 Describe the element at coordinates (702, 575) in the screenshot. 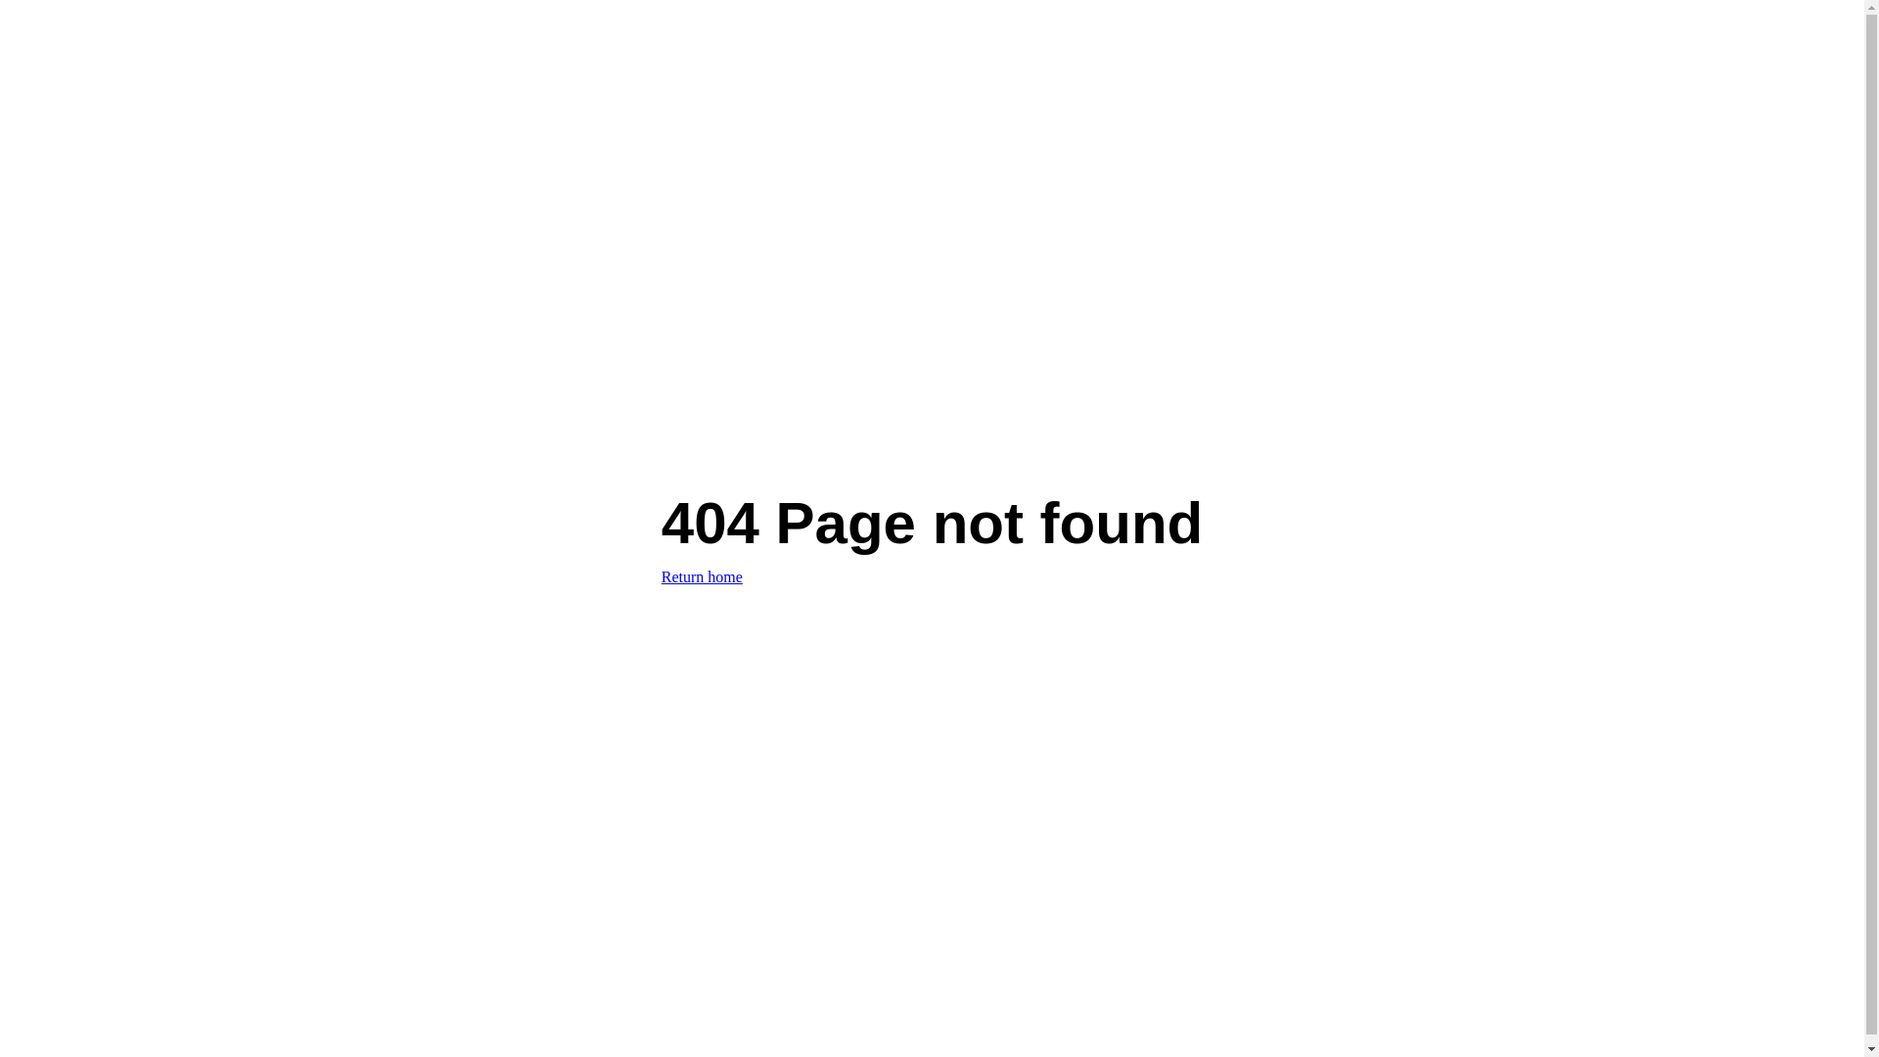

I see `'Return home'` at that location.